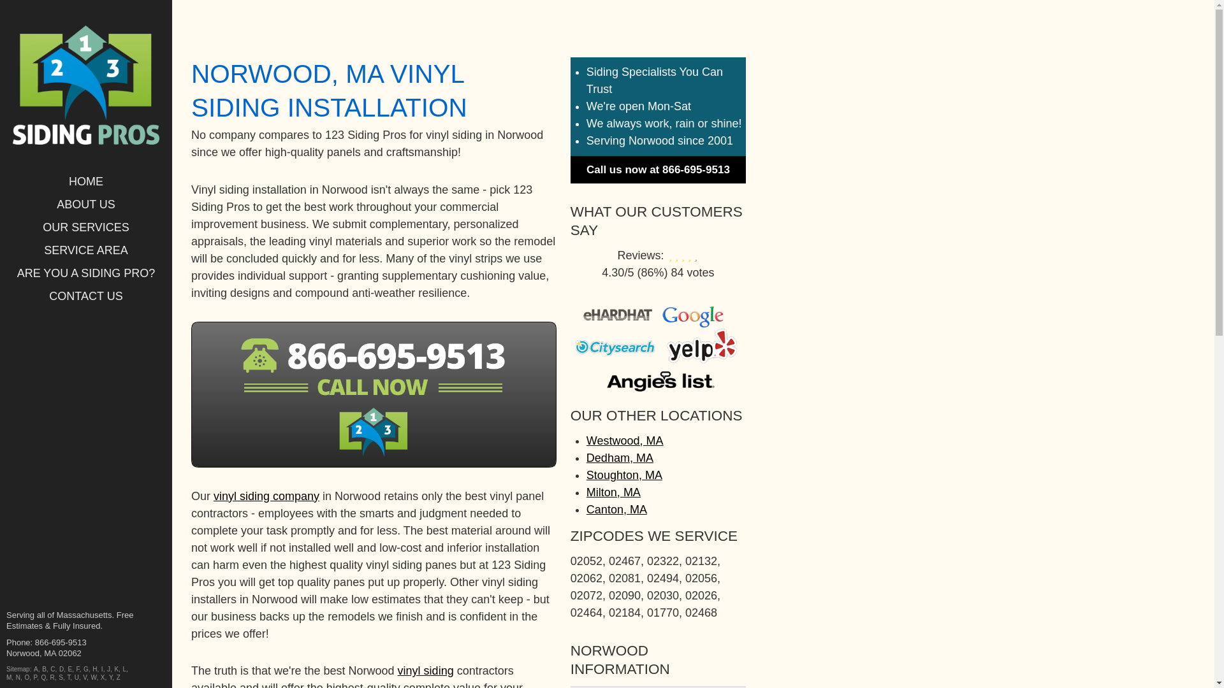 The height and width of the screenshot is (688, 1224). What do you see at coordinates (92, 677) in the screenshot?
I see `'W'` at bounding box center [92, 677].